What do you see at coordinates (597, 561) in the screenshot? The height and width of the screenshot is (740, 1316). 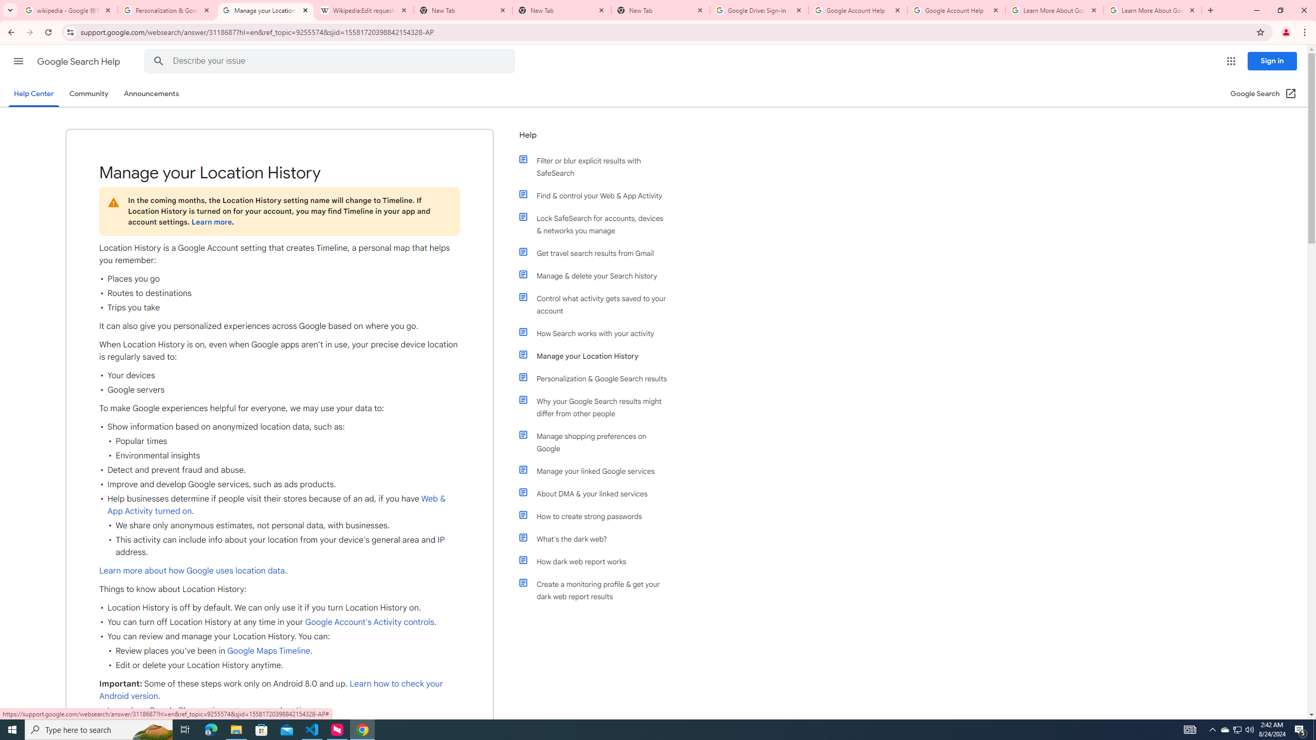 I see `'How dark web report works'` at bounding box center [597, 561].